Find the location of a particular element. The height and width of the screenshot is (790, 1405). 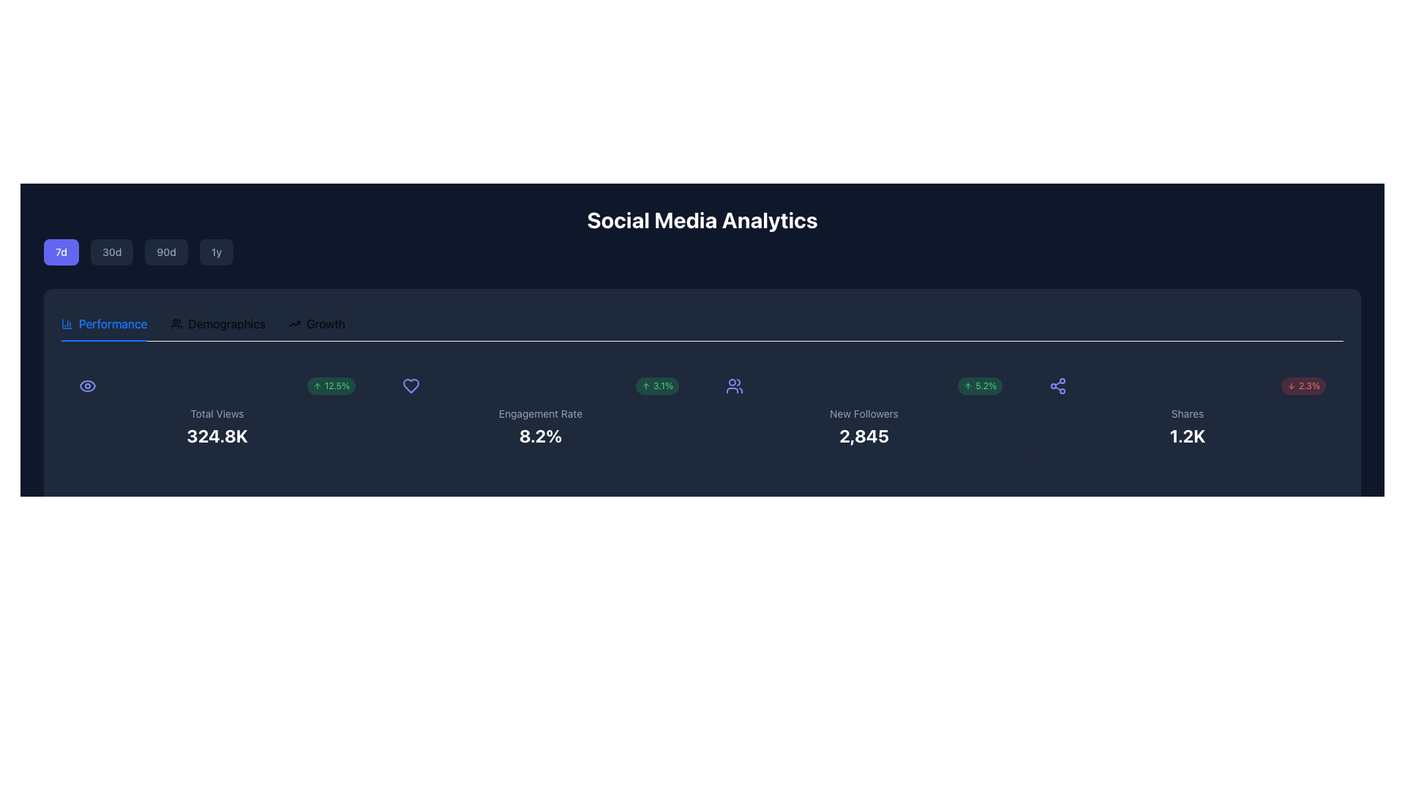

the rectangular button with a purple background and white text displaying '7d', which is the first button in a row of buttons above the main content section is located at coordinates (61, 251).